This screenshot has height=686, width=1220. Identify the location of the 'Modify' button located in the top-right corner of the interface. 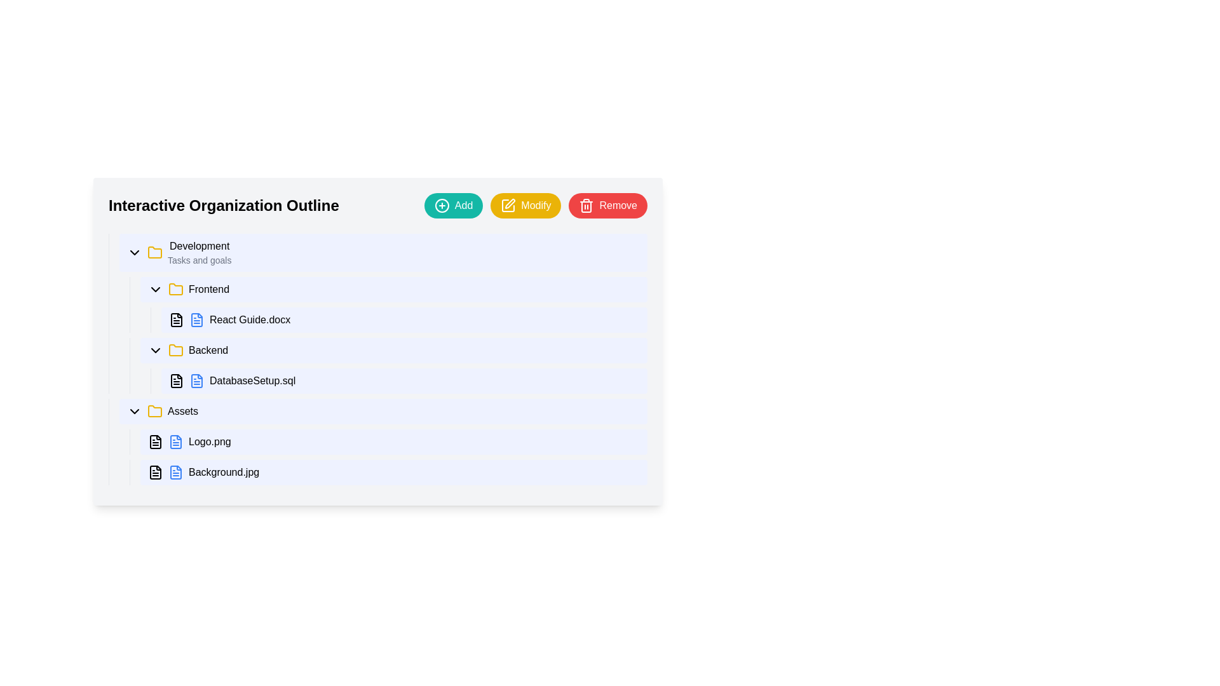
(536, 205).